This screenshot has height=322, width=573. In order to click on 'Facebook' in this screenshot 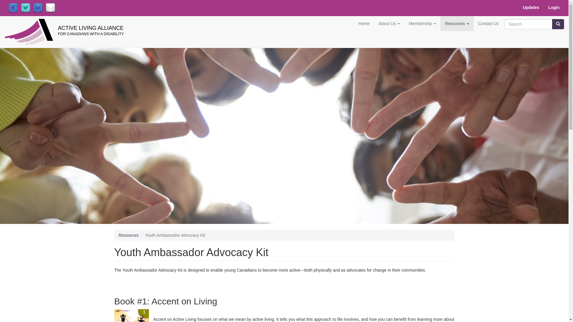, I will do `click(13, 8)`.